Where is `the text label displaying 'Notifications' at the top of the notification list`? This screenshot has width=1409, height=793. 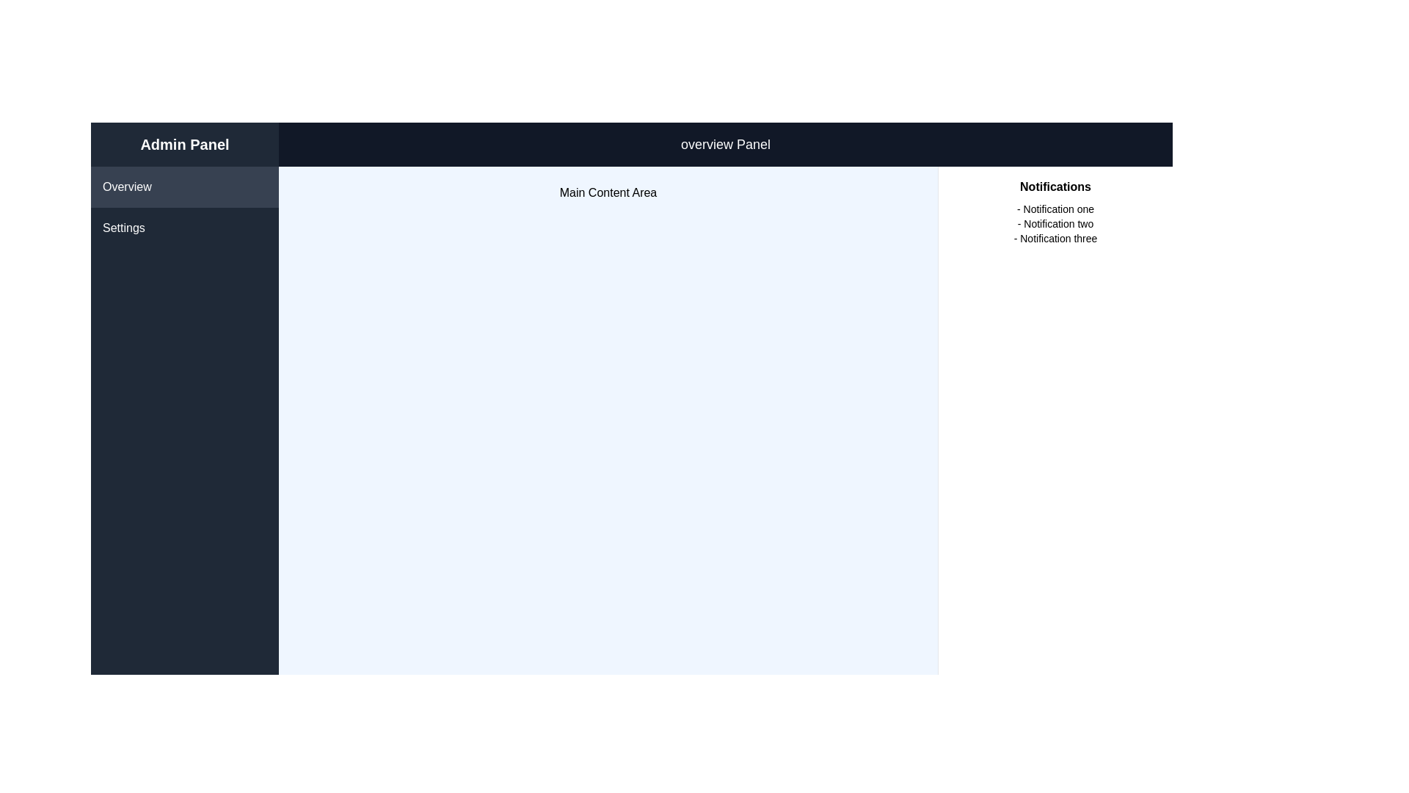 the text label displaying 'Notifications' at the top of the notification list is located at coordinates (1055, 186).